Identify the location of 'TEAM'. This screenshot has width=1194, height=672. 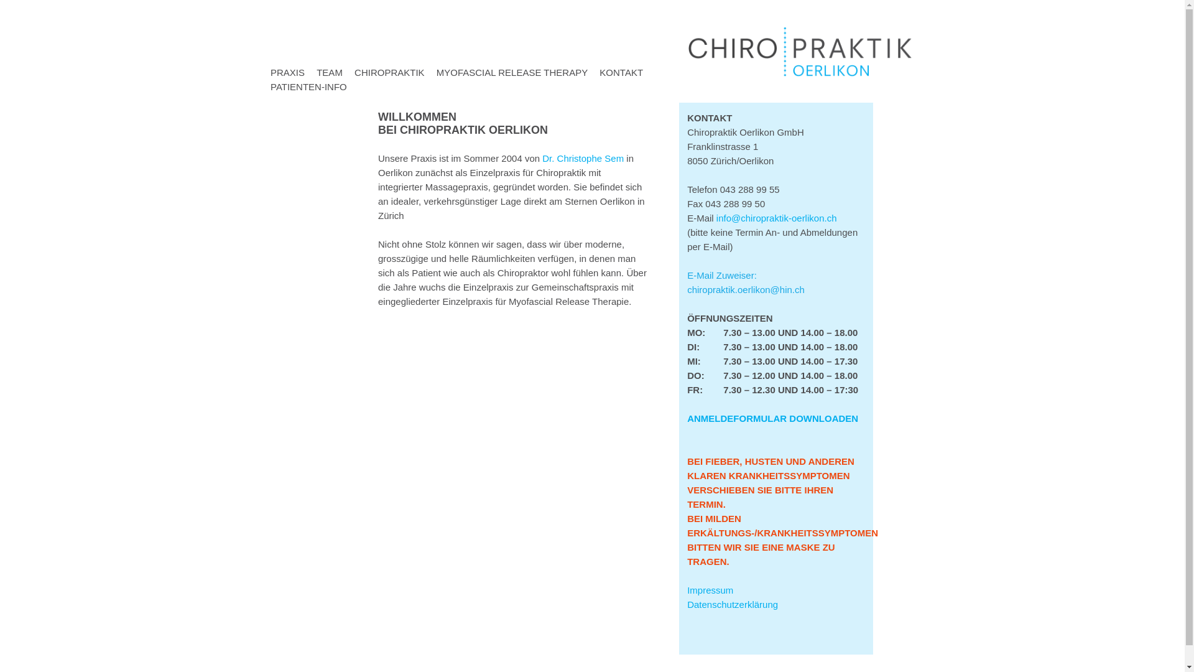
(329, 72).